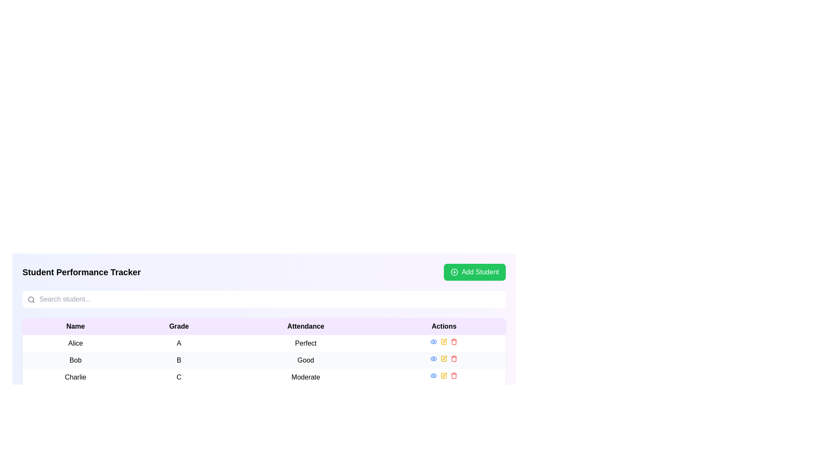 This screenshot has width=814, height=458. Describe the element at coordinates (75, 343) in the screenshot. I see `the text label displaying the name 'Alice', which identifies the first student's information in the 'Name' column of the table` at that location.